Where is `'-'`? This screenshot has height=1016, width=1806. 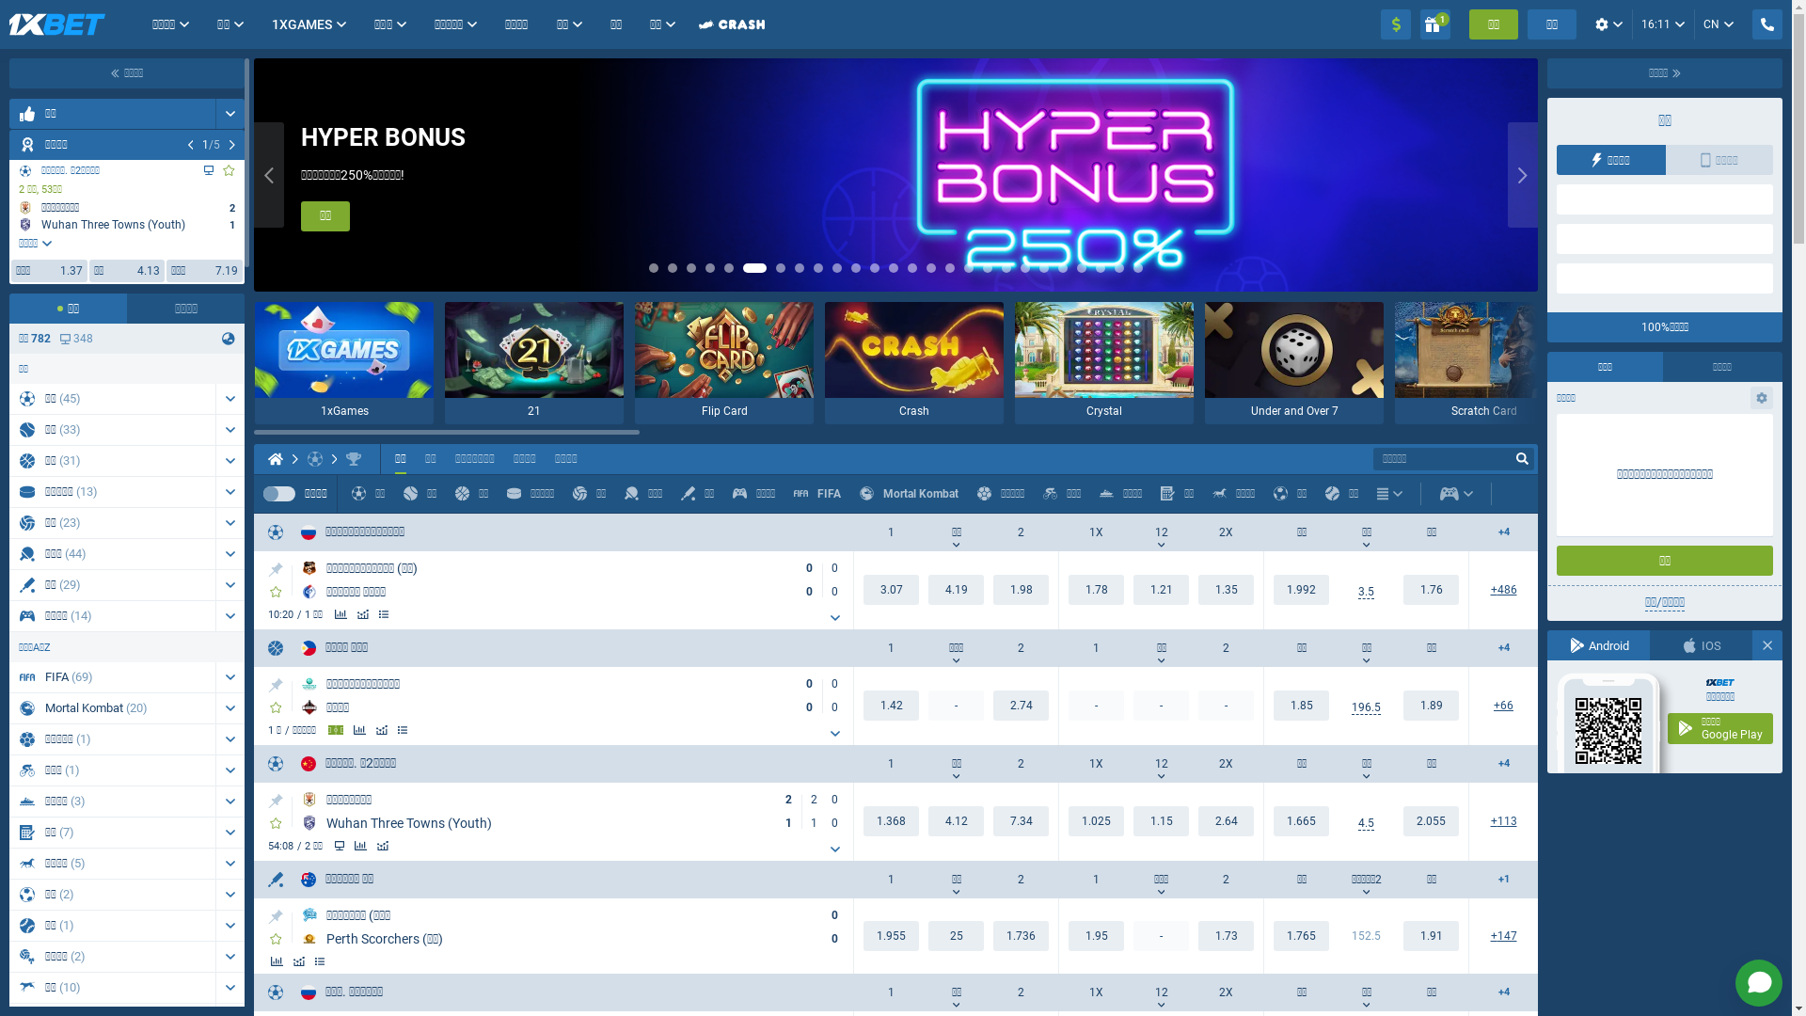
'-' is located at coordinates (1096, 705).